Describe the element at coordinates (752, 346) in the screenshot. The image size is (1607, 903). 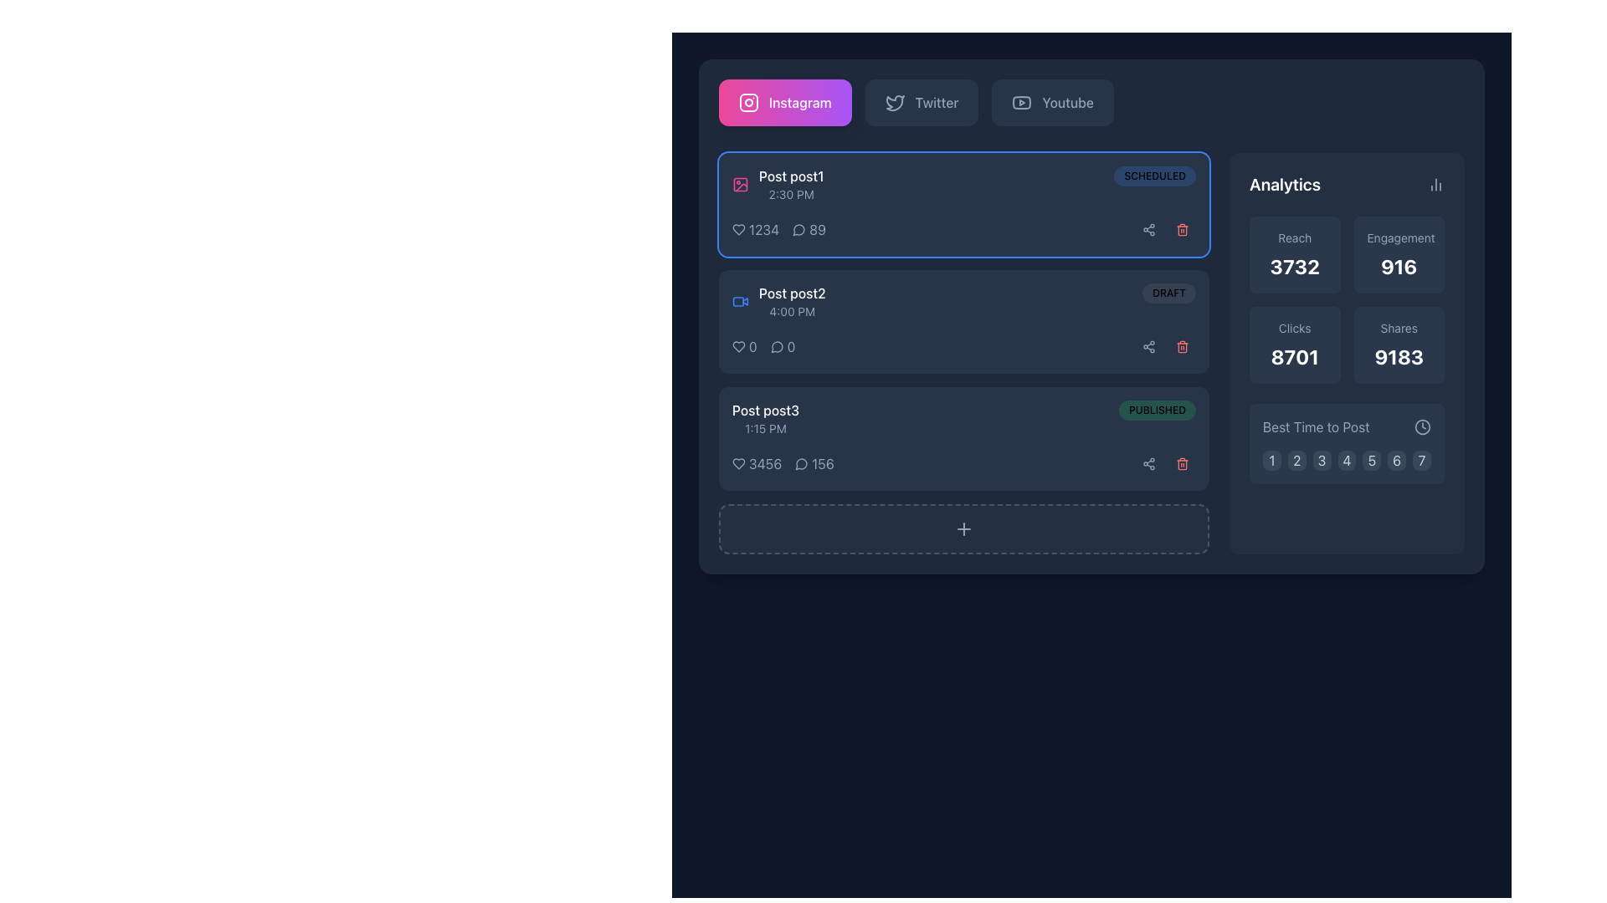
I see `the displayed value of the Text display element showing likes or interactions, located to the right of the heart icon` at that location.